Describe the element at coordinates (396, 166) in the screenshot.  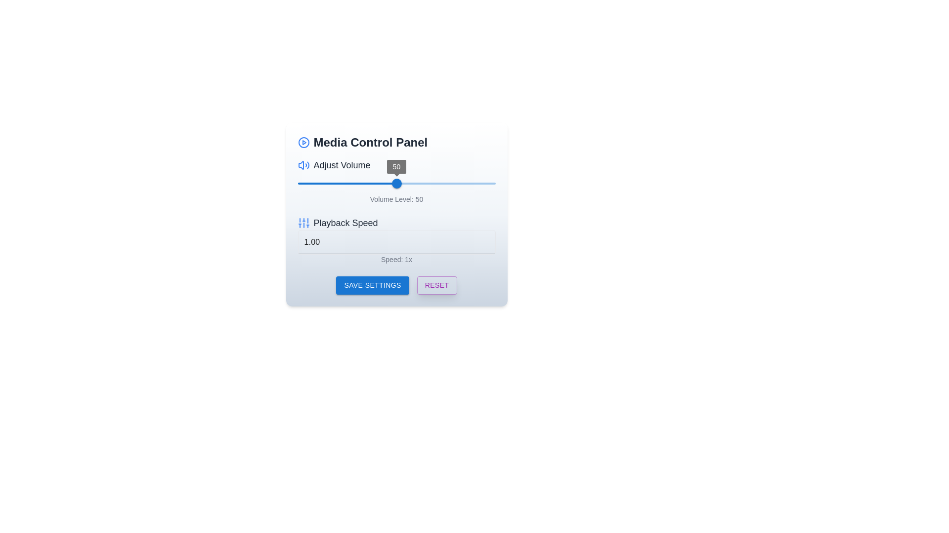
I see `the gray circular badge containing the number '50' which indicates the value label for the 'Adjust Volume' slider, located directly above the slider handle` at that location.